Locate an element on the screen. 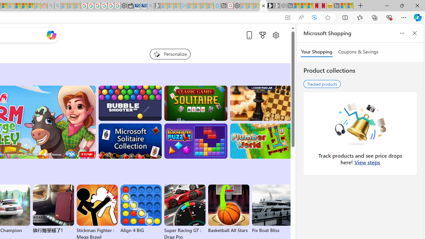  'Master Chess' is located at coordinates (261, 103).